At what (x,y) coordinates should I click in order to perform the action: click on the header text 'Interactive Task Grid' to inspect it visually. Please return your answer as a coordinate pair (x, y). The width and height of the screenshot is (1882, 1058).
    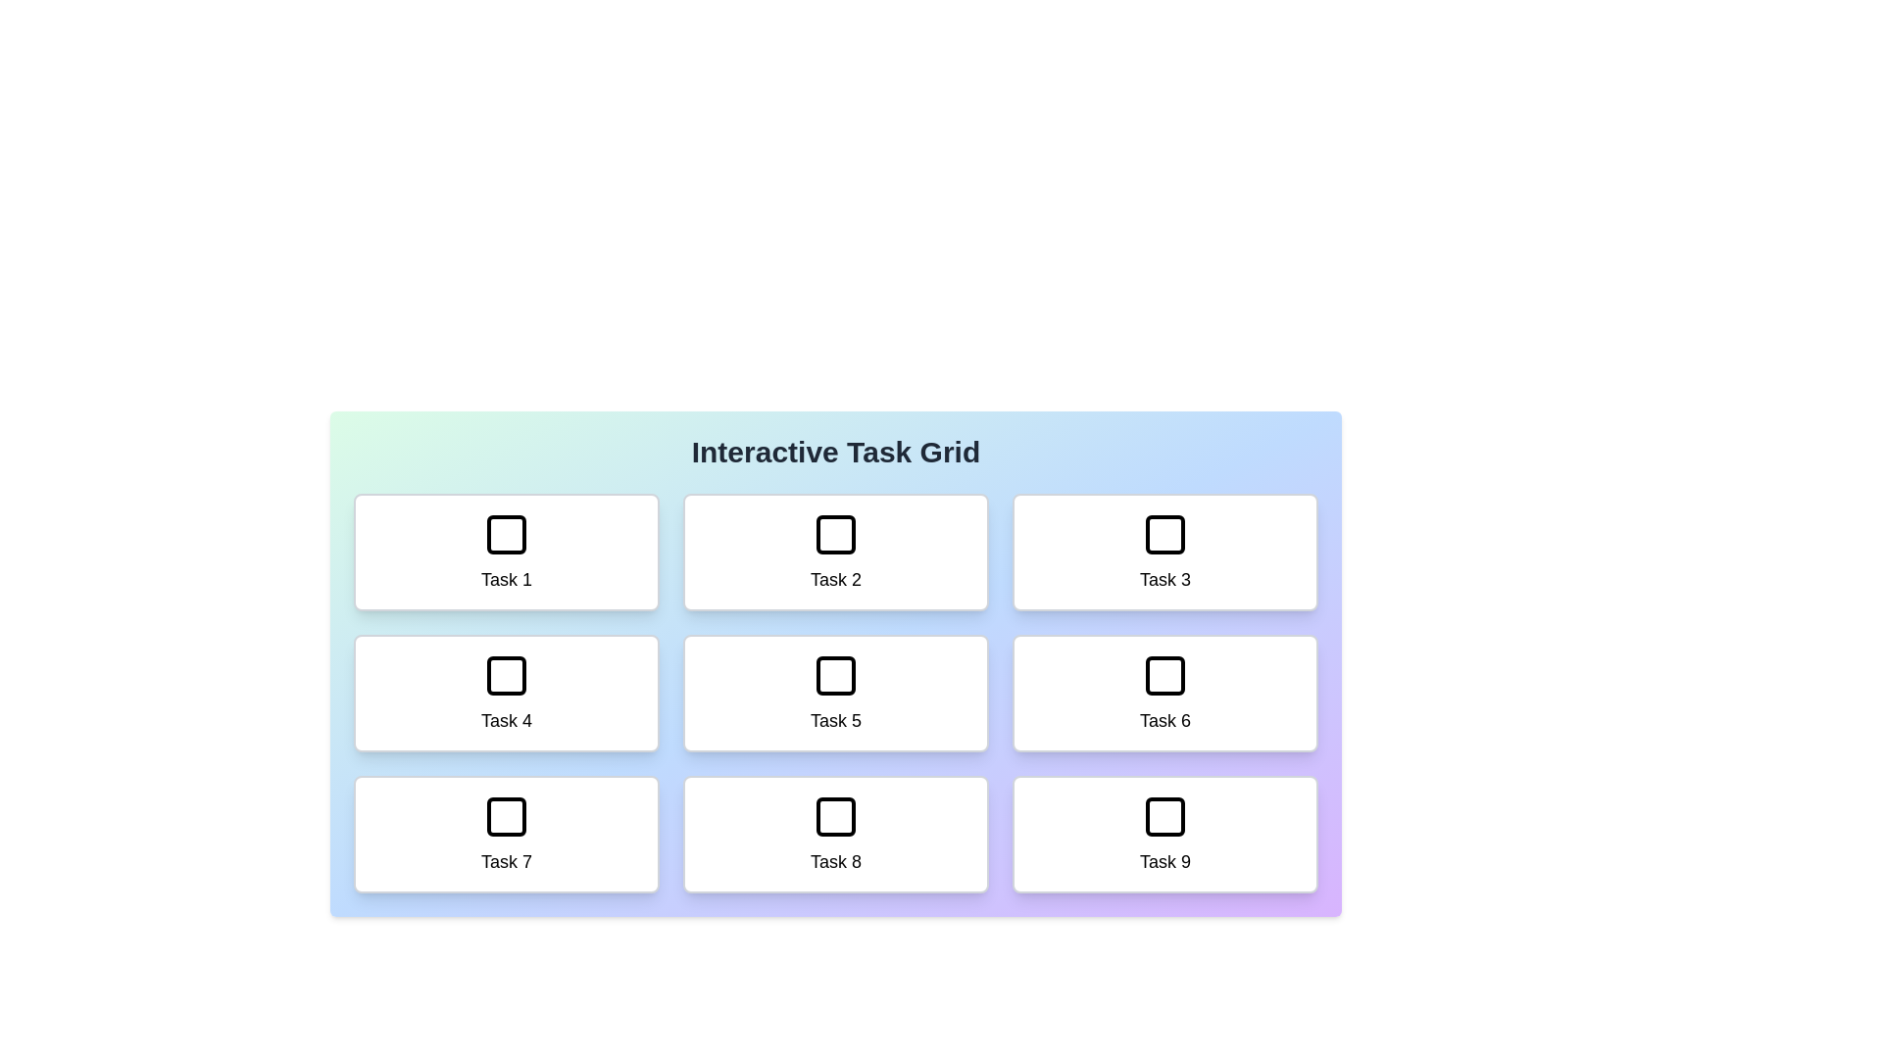
    Looking at the image, I should click on (836, 453).